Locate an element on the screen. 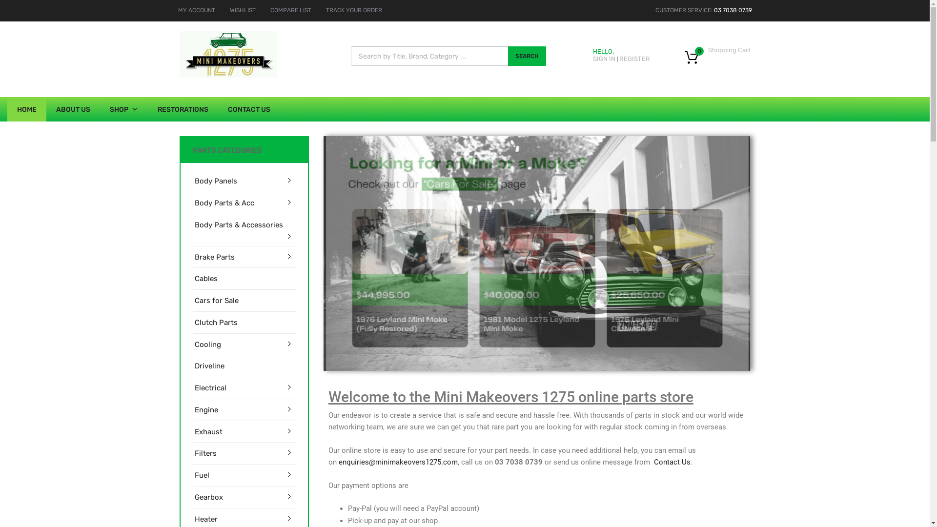  'Exhaust' is located at coordinates (207, 431).